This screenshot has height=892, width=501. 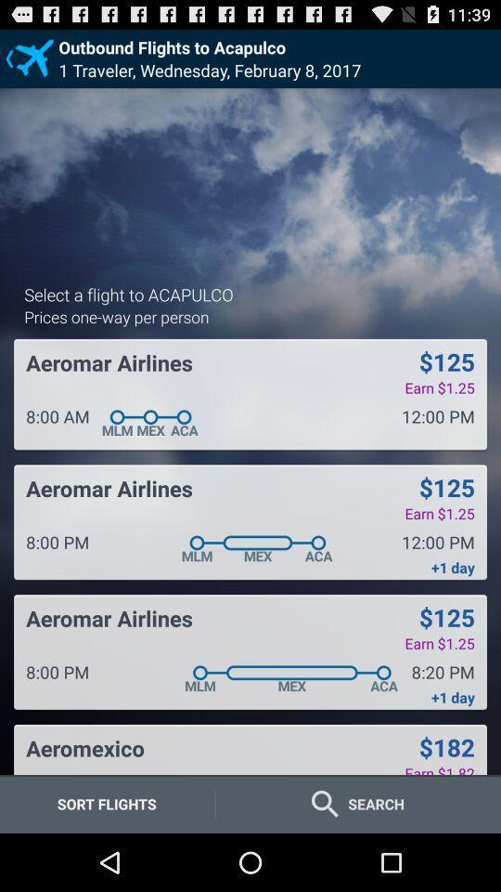 What do you see at coordinates (107, 803) in the screenshot?
I see `sort flights` at bounding box center [107, 803].